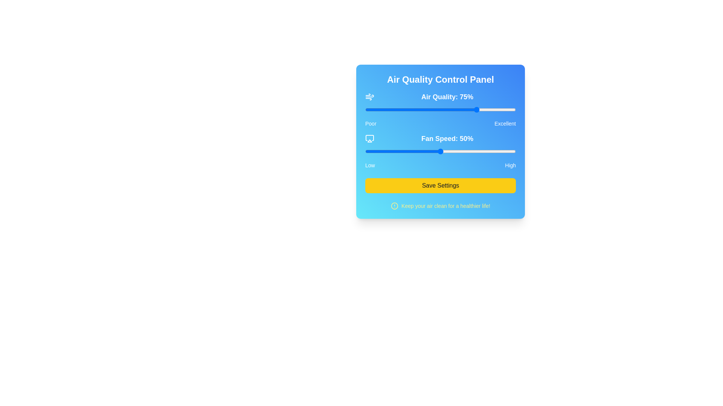 The width and height of the screenshot is (723, 406). What do you see at coordinates (406, 110) in the screenshot?
I see `air quality` at bounding box center [406, 110].